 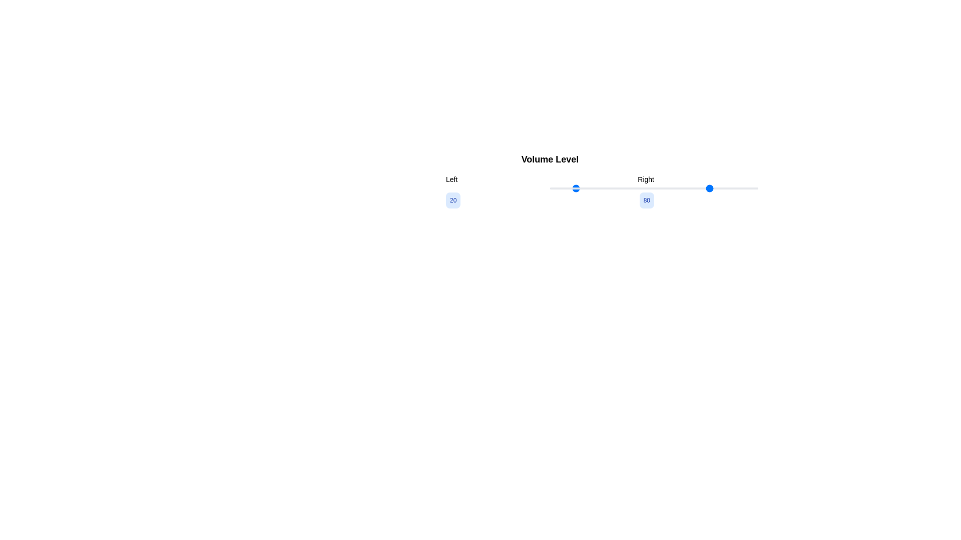 What do you see at coordinates (647, 200) in the screenshot?
I see `the text label displaying the numeric value '80' with a rounded light blue background, which is positioned to the right of another label displaying '20'` at bounding box center [647, 200].